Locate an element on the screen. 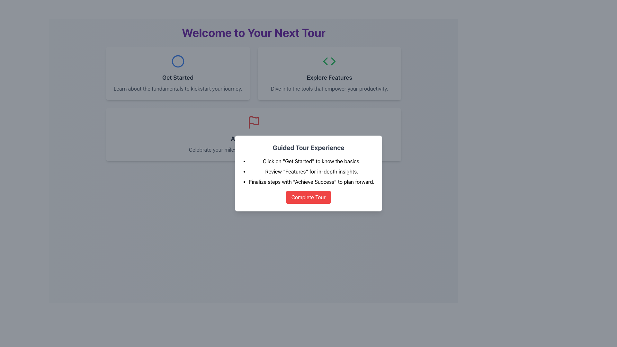 This screenshot has width=617, height=347. the Information Card, which is the second item in a row of two boxes within a grid layout is located at coordinates (329, 73).